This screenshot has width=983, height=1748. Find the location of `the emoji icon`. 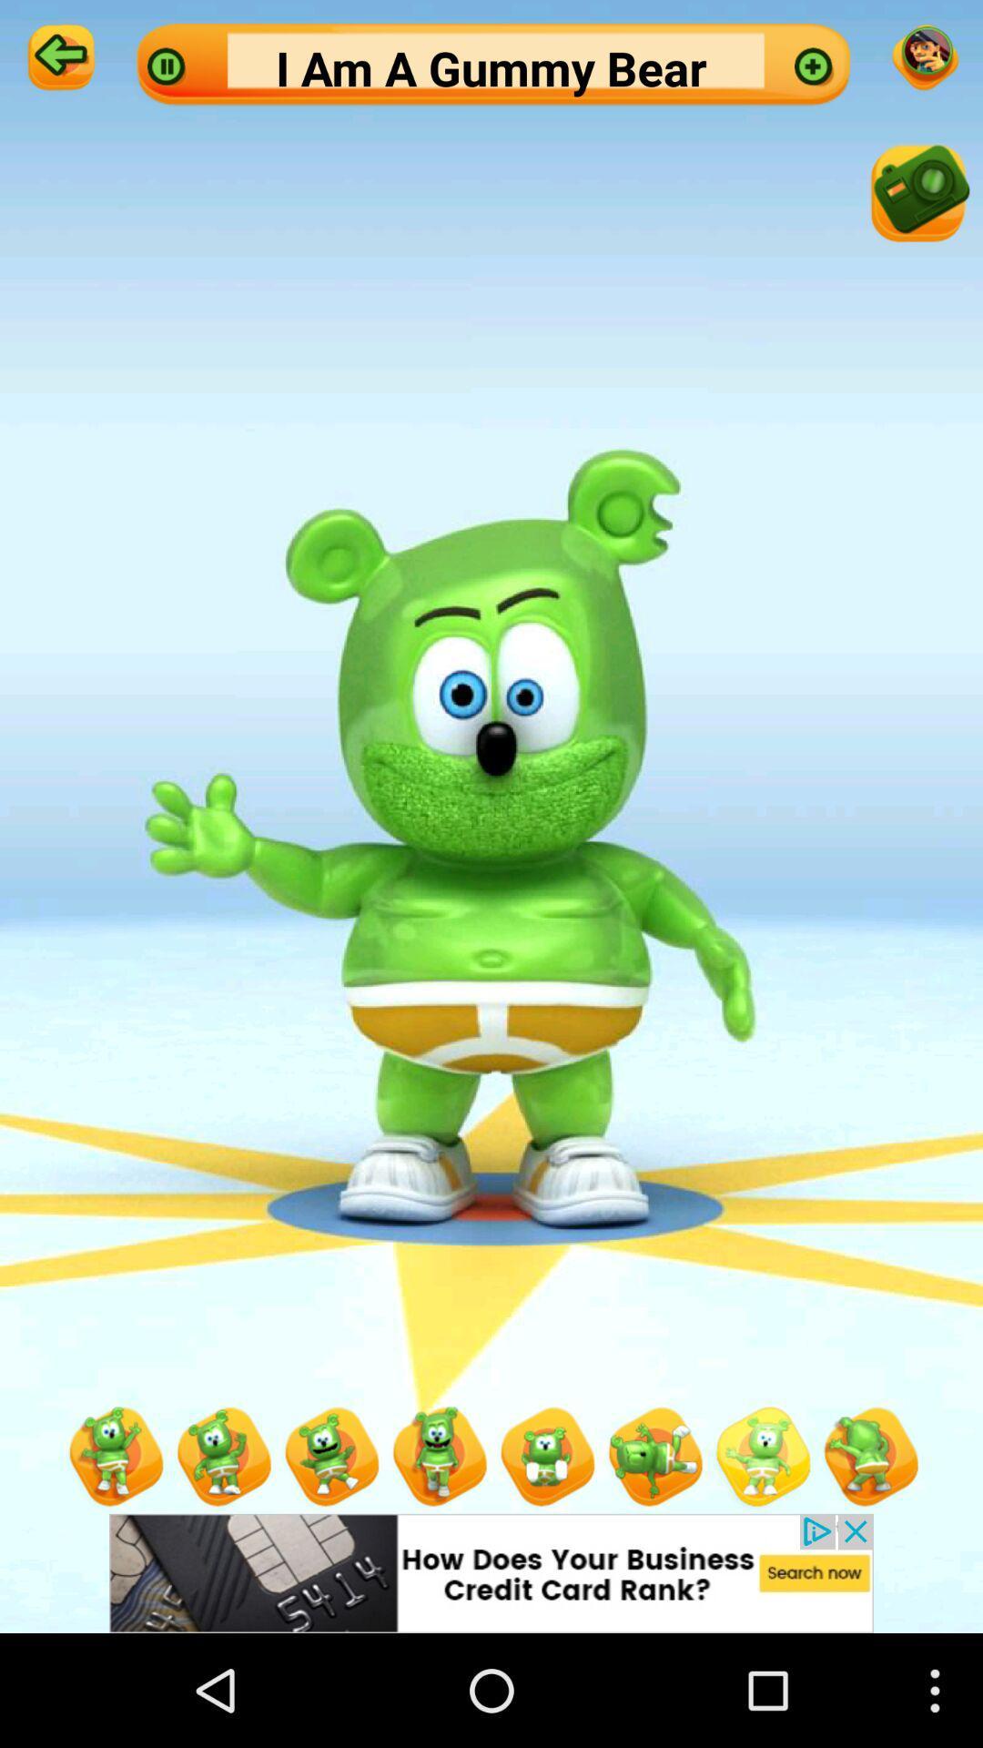

the emoji icon is located at coordinates (923, 64).